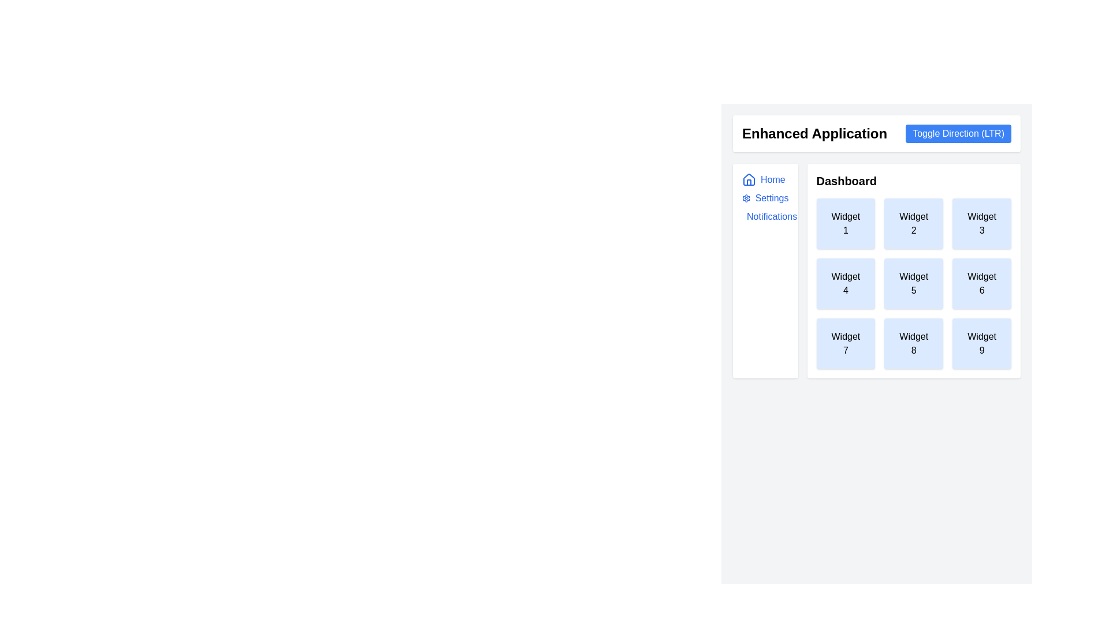 The height and width of the screenshot is (623, 1109). Describe the element at coordinates (749, 182) in the screenshot. I see `the doorway of the house icon in the navigation panel, which symbolizes the 'Home' functionality` at that location.